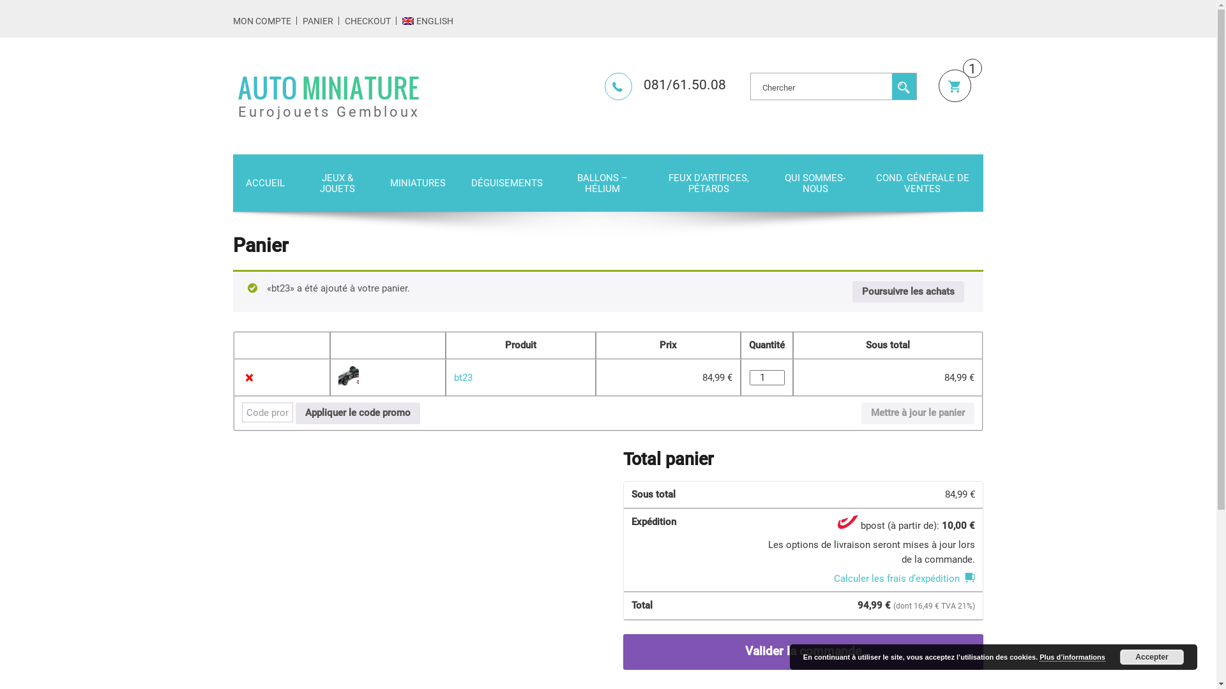  Describe the element at coordinates (453, 376) in the screenshot. I see `'bt23'` at that location.